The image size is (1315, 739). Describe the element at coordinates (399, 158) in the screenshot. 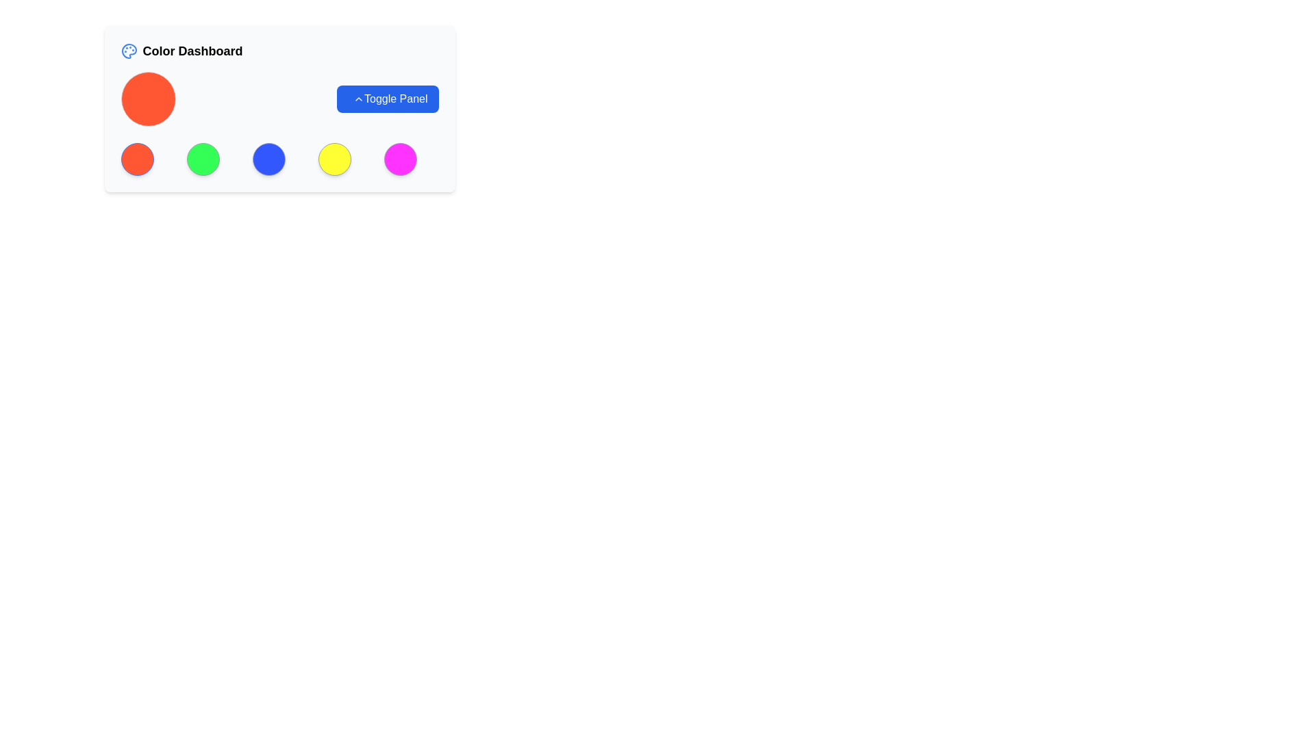

I see `the fifth circular button in the grid layout` at that location.